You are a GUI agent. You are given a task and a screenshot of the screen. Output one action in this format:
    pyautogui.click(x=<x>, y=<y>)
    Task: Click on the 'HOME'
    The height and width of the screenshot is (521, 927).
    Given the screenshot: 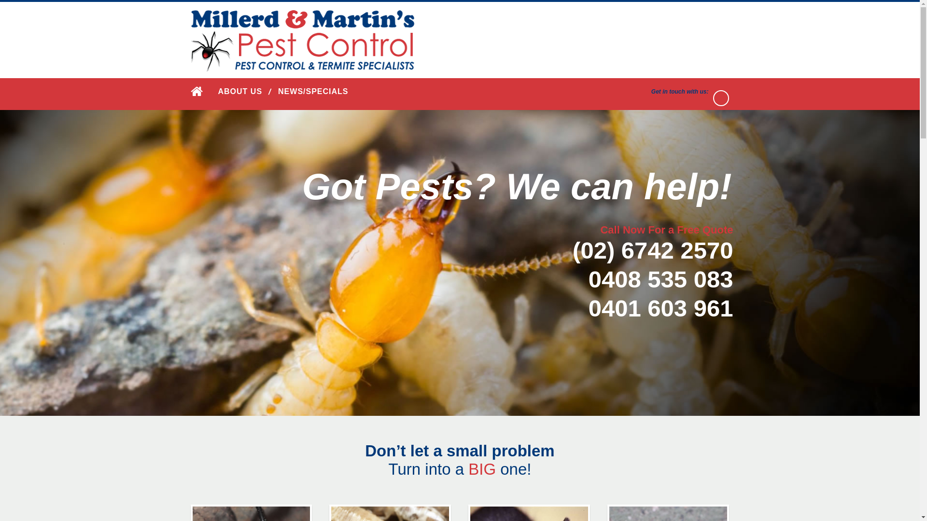 What is the action you would take?
    pyautogui.click(x=190, y=91)
    